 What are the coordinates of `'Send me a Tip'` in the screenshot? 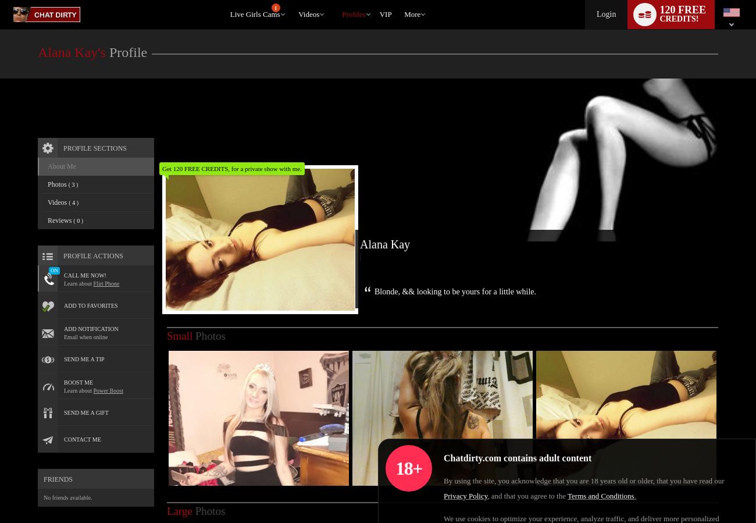 It's located at (63, 358).